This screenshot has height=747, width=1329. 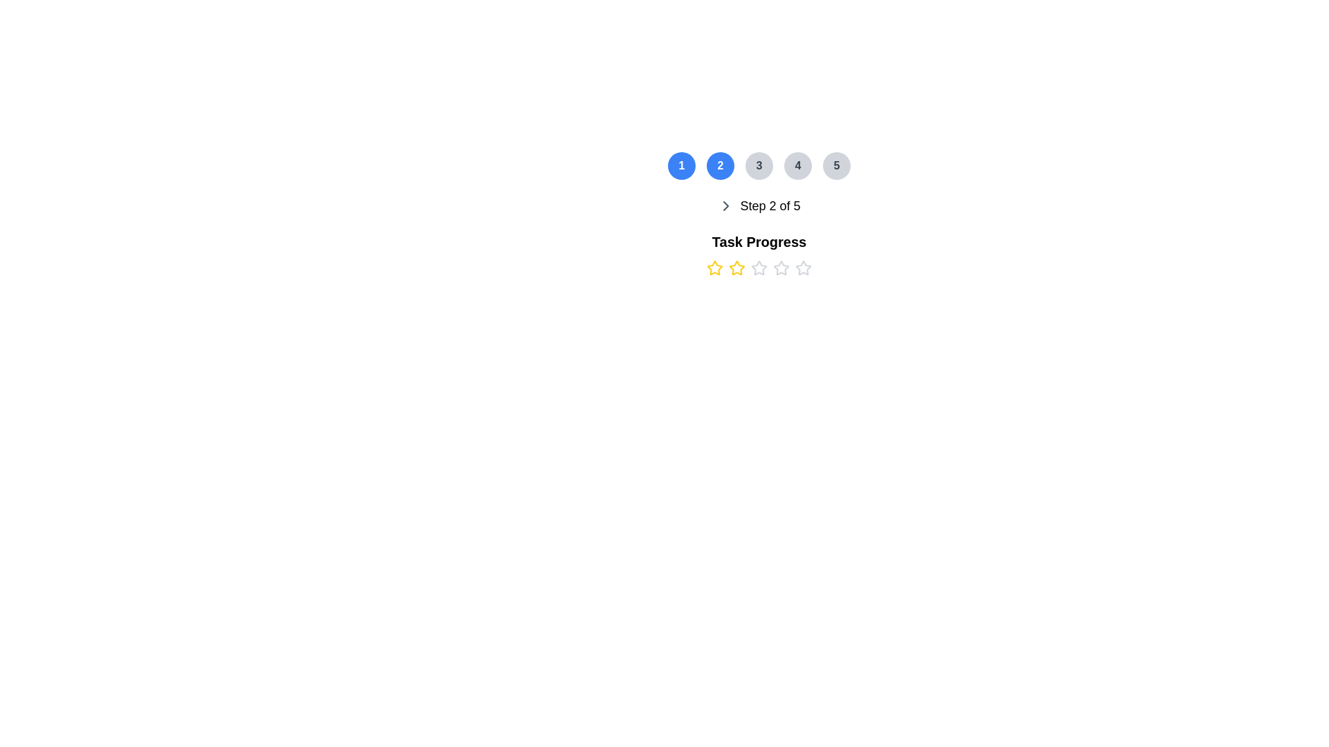 I want to click on the second star-shaped icon in the rating control below the 'Task Progress' text to increase the rating, so click(x=736, y=268).